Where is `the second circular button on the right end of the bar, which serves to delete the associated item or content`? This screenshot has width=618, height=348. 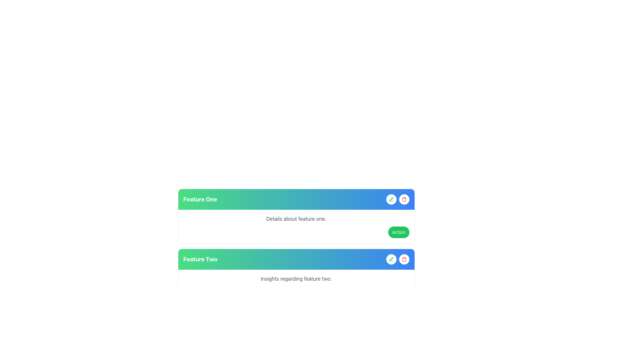
the second circular button on the right end of the bar, which serves to delete the associated item or content is located at coordinates (404, 199).